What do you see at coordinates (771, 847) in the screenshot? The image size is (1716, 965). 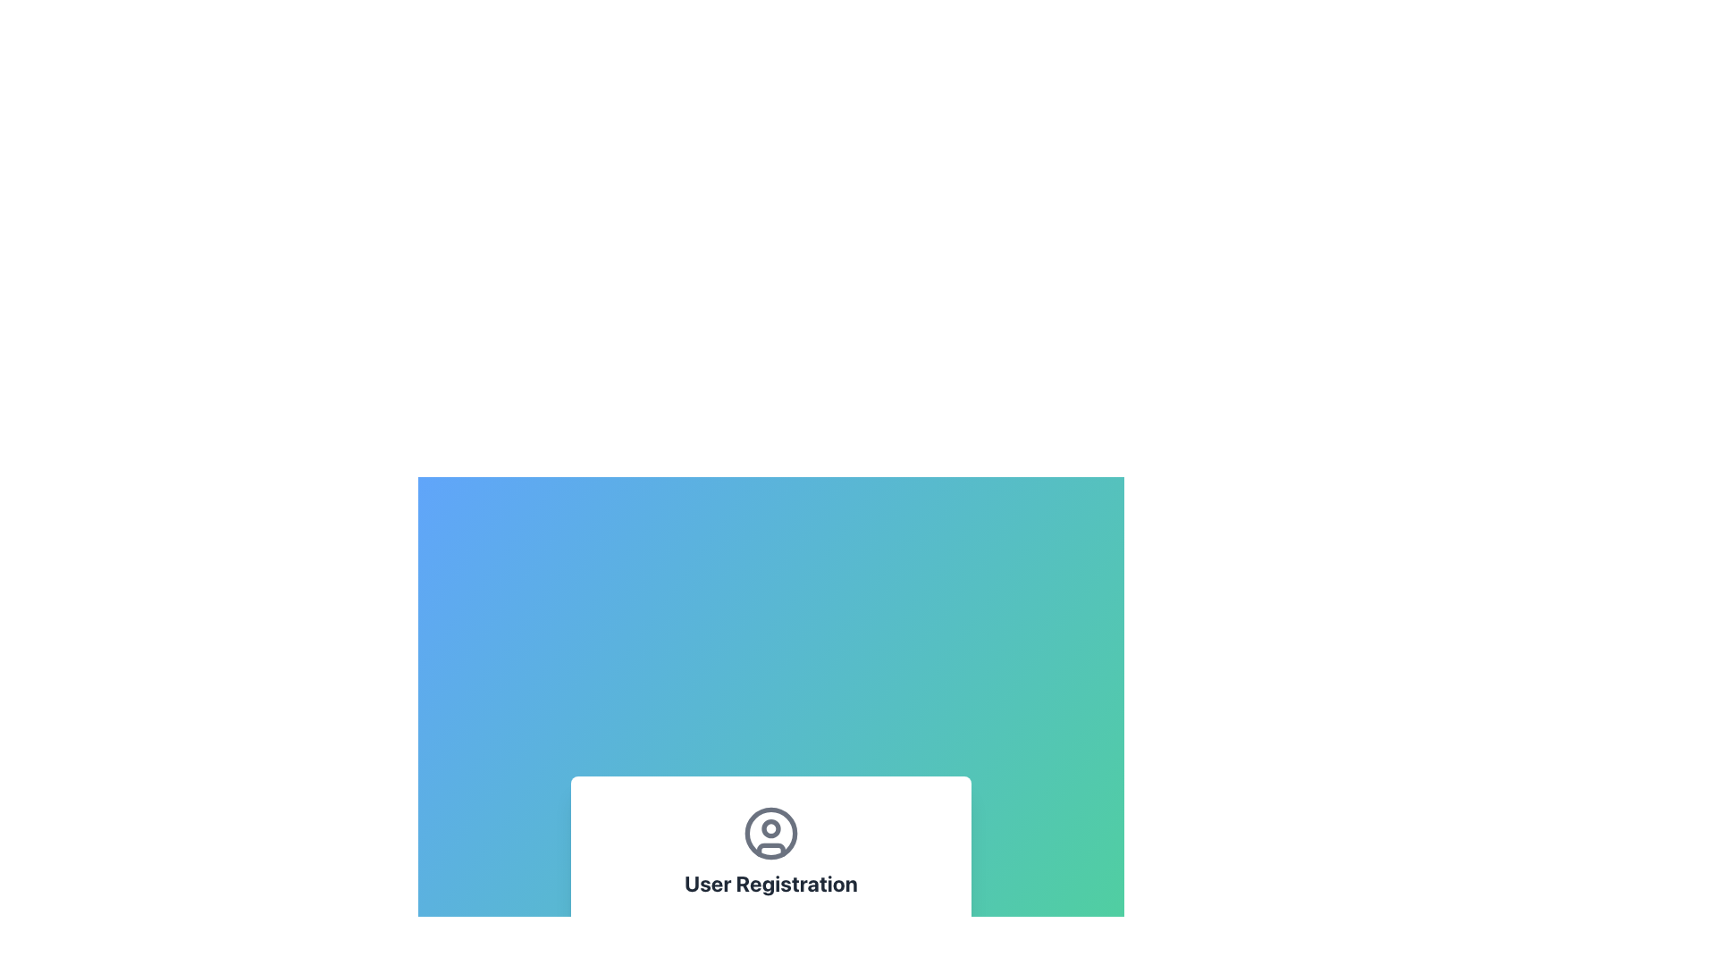 I see `the torso area of the user profile icon, which is located at the lower portion of the circular icon, centered in the layout` at bounding box center [771, 847].